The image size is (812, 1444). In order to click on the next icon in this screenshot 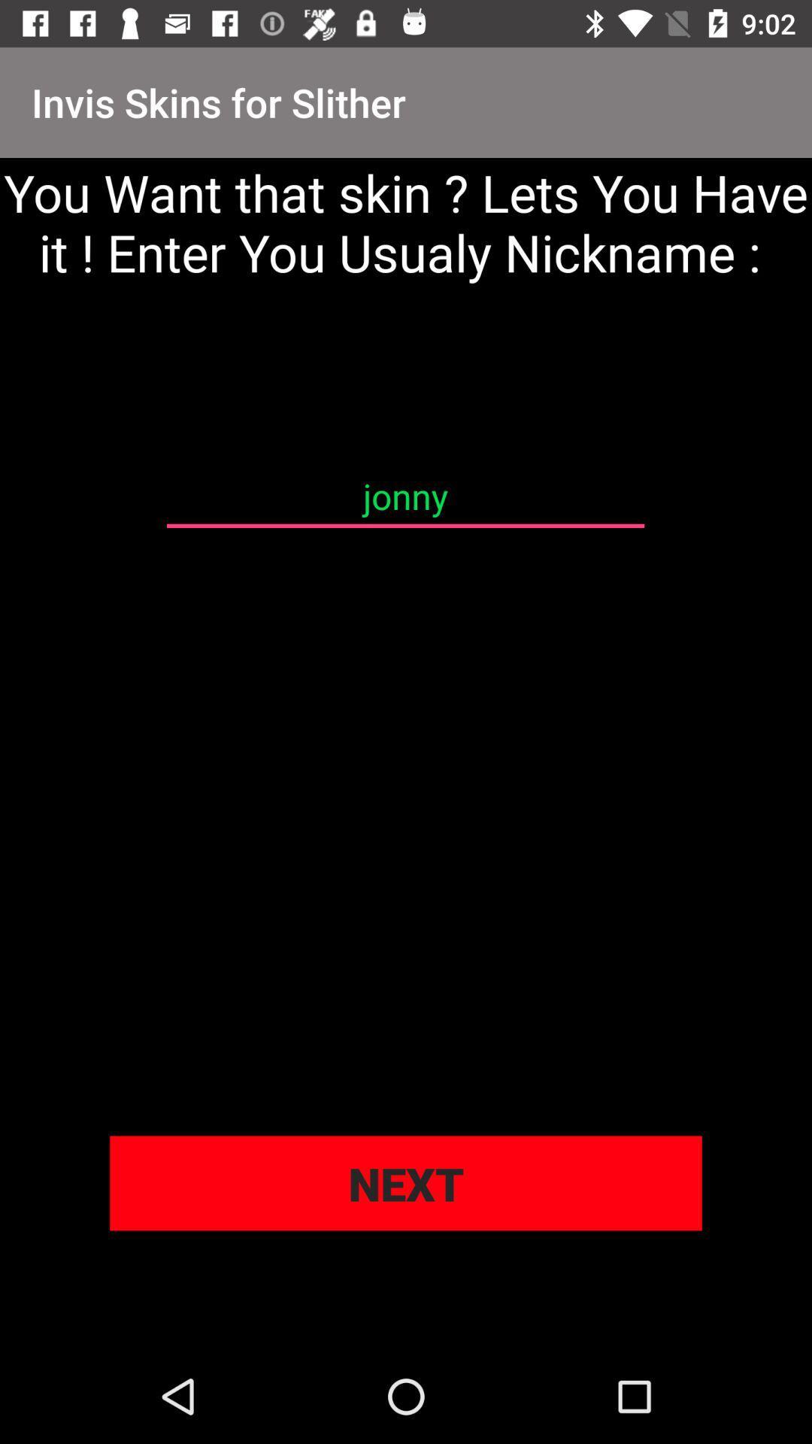, I will do `click(406, 1182)`.